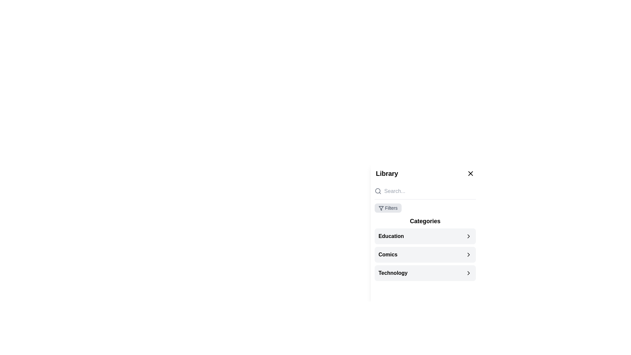 The image size is (631, 355). What do you see at coordinates (468, 254) in the screenshot?
I see `the right-side chevron icon indicating the expandable 'Comics' category` at bounding box center [468, 254].